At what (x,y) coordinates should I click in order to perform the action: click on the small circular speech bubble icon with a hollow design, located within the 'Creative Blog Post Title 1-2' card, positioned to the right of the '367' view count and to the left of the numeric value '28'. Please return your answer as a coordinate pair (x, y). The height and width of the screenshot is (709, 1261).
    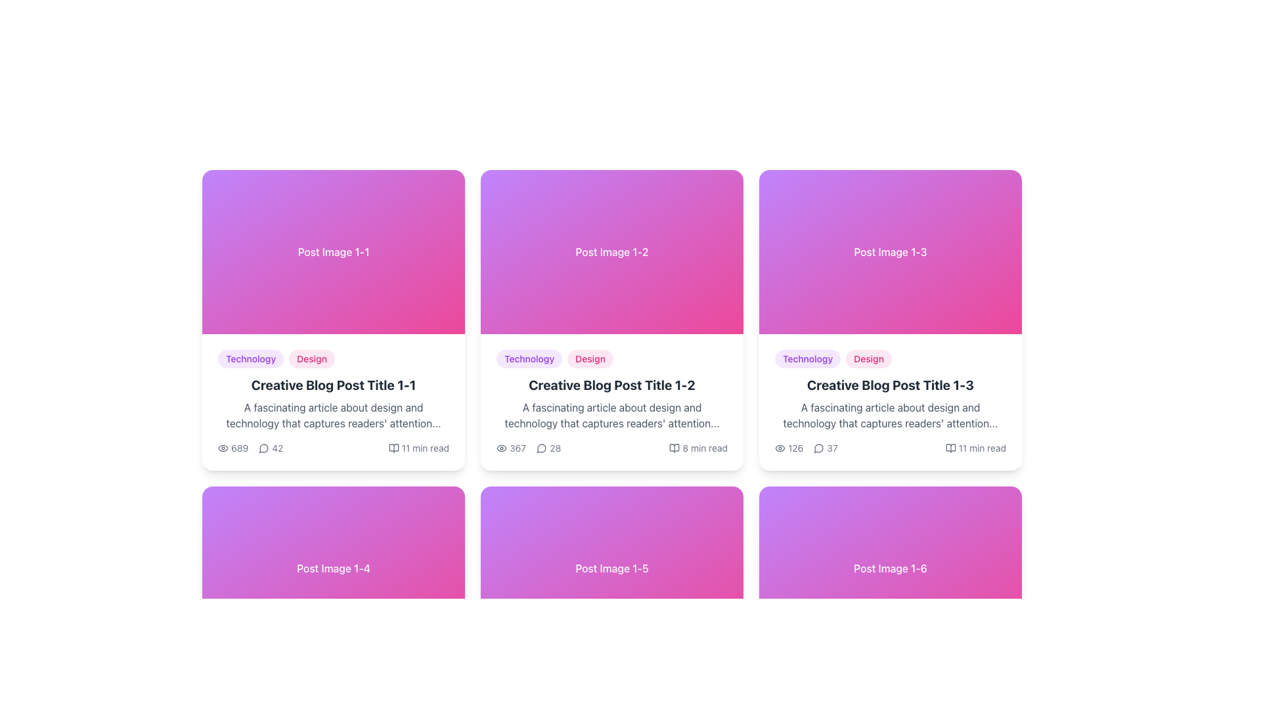
    Looking at the image, I should click on (542, 447).